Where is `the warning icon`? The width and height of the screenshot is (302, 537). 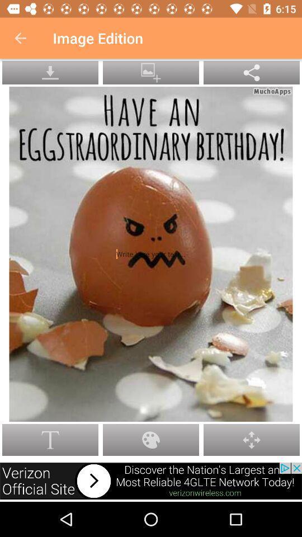
the warning icon is located at coordinates (50, 72).